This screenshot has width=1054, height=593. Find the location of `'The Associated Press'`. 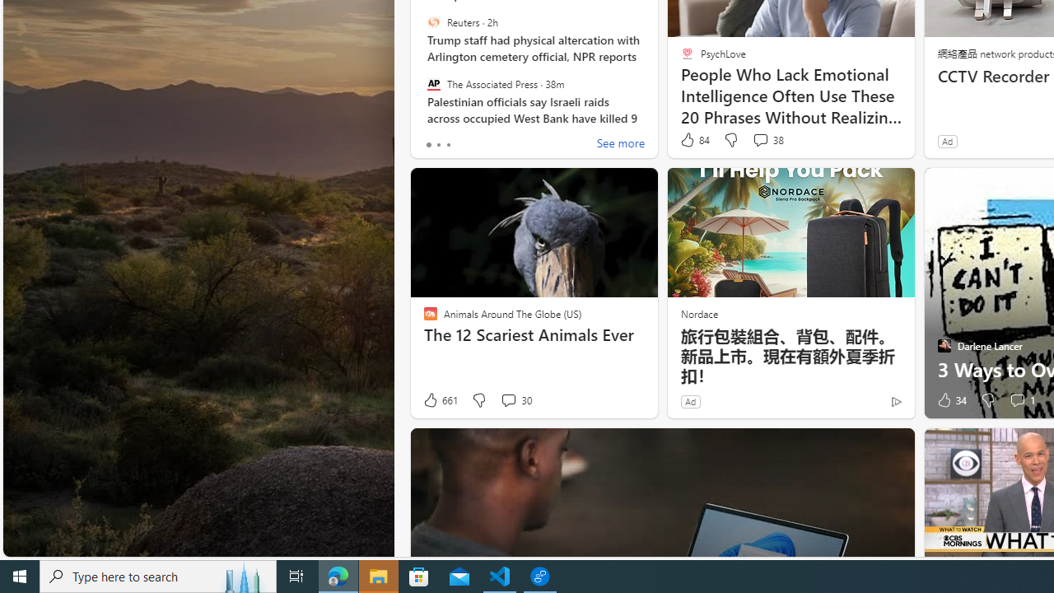

'The Associated Press' is located at coordinates (433, 83).